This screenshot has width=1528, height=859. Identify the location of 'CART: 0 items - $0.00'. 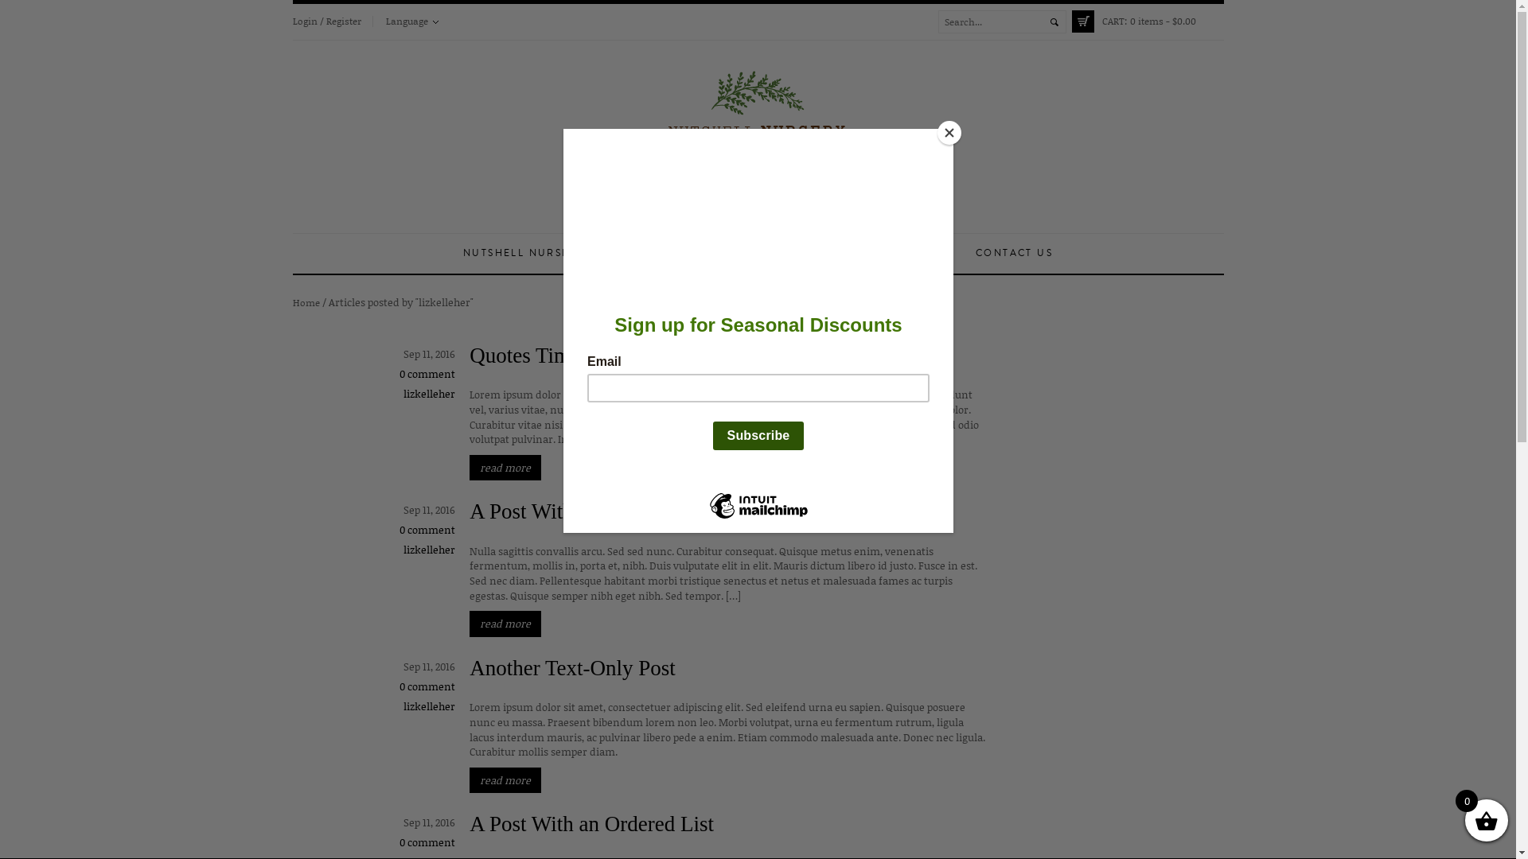
(1070, 21).